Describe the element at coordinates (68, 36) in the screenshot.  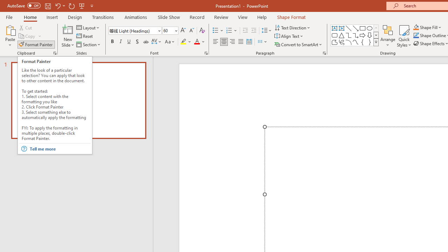
I see `'New Slide'` at that location.